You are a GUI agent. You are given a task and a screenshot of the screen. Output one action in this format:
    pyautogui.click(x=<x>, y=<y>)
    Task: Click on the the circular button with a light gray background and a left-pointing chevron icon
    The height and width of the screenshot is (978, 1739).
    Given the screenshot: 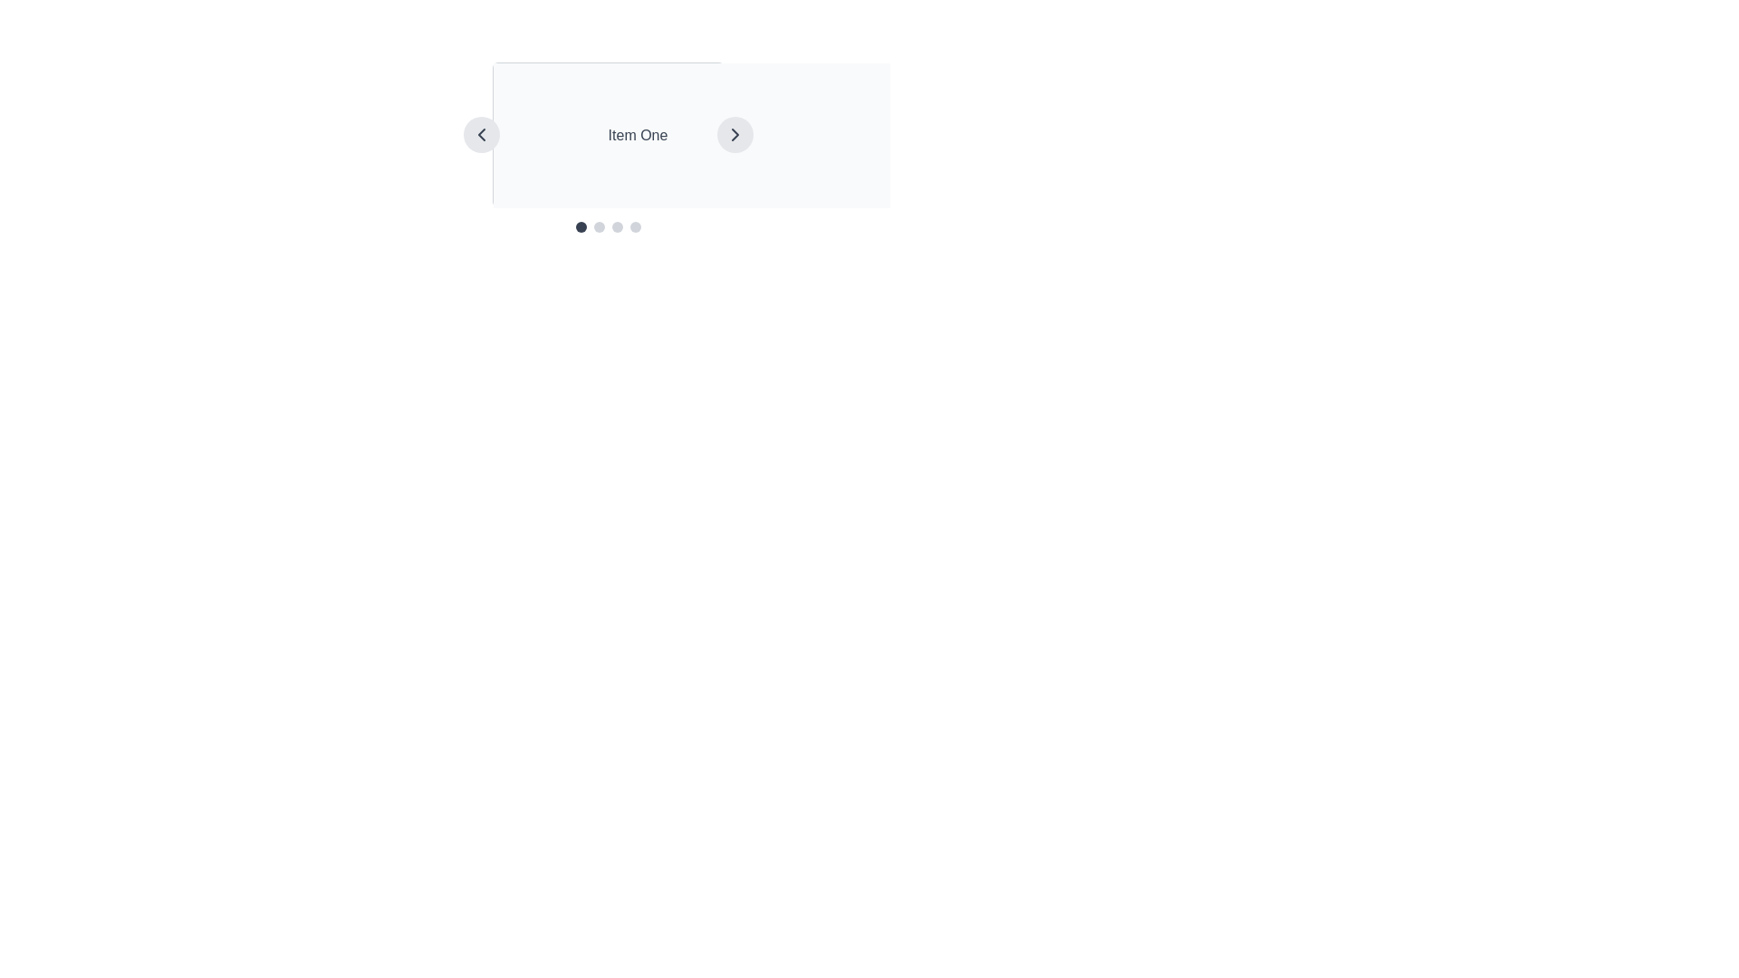 What is the action you would take?
    pyautogui.click(x=481, y=134)
    